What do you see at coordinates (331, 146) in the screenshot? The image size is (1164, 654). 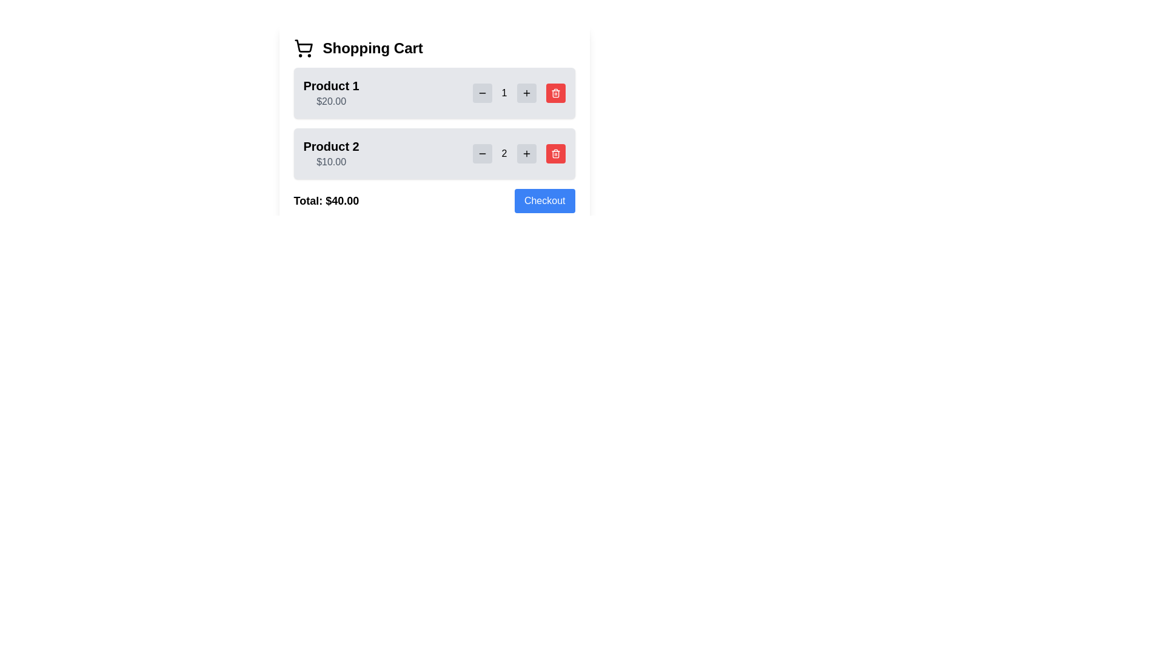 I see `the text label for the second product in the shopping cart` at bounding box center [331, 146].